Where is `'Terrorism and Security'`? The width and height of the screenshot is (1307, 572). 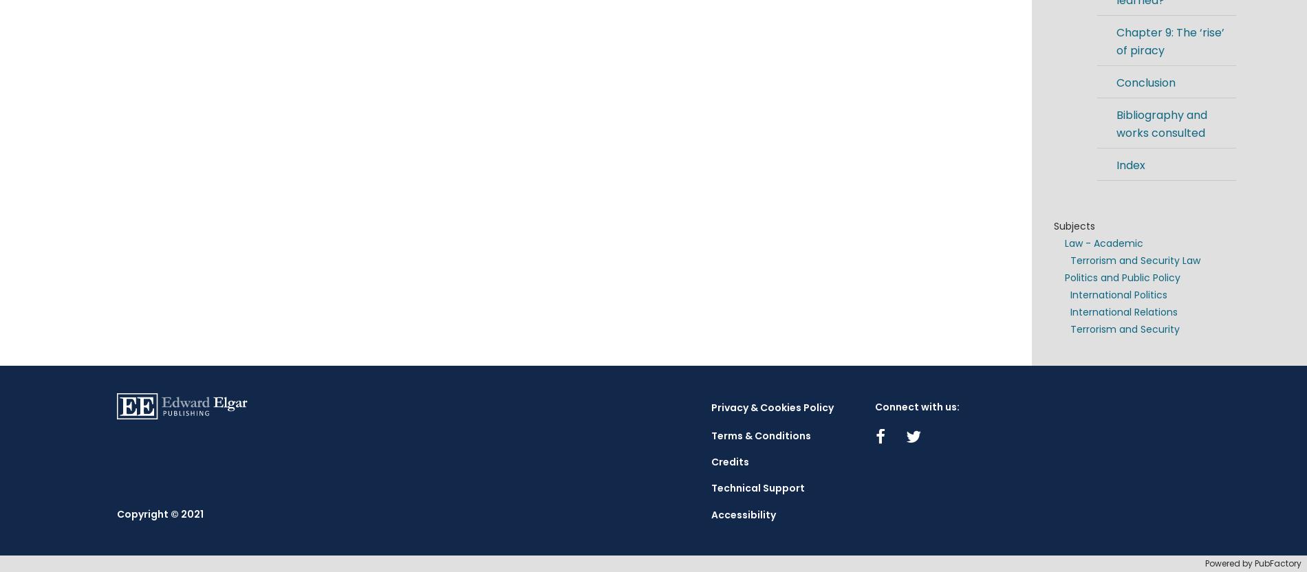
'Terrorism and Security' is located at coordinates (1125, 328).